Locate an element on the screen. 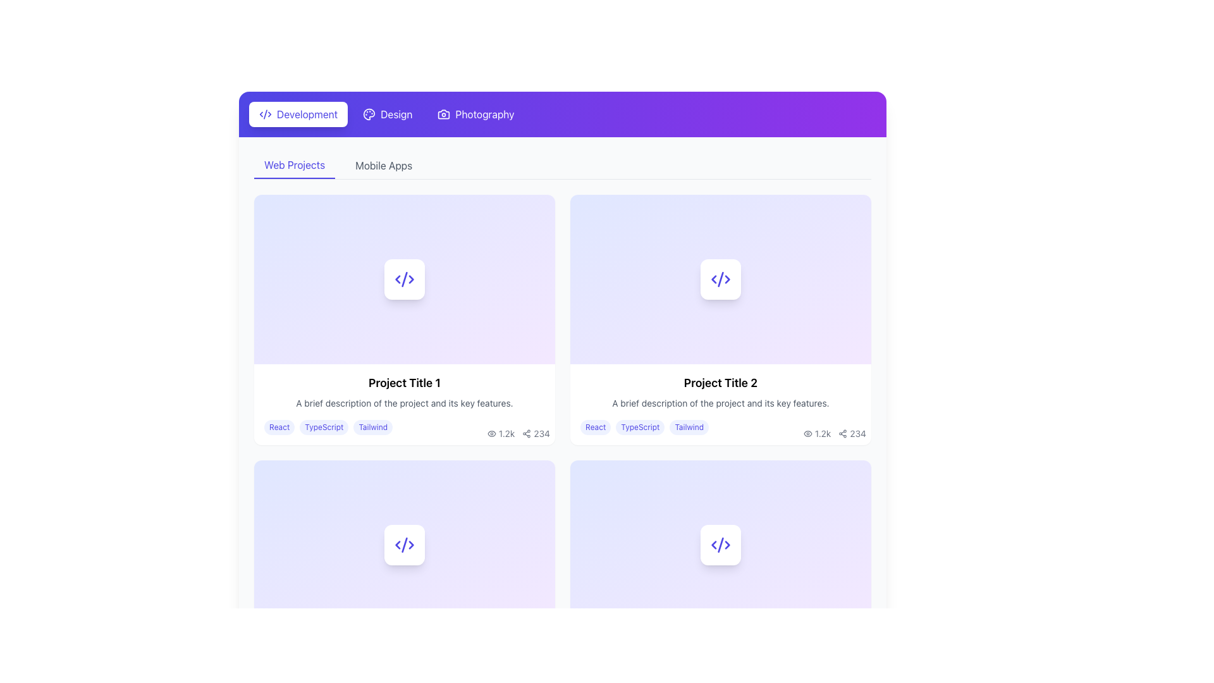  the 'React' label, which is a small pill-shaped button with a light indigo background and dark indigo text, located on the far left of the horizontal group of labels at the bottom of the 'Project Title 2' card is located at coordinates (595, 427).